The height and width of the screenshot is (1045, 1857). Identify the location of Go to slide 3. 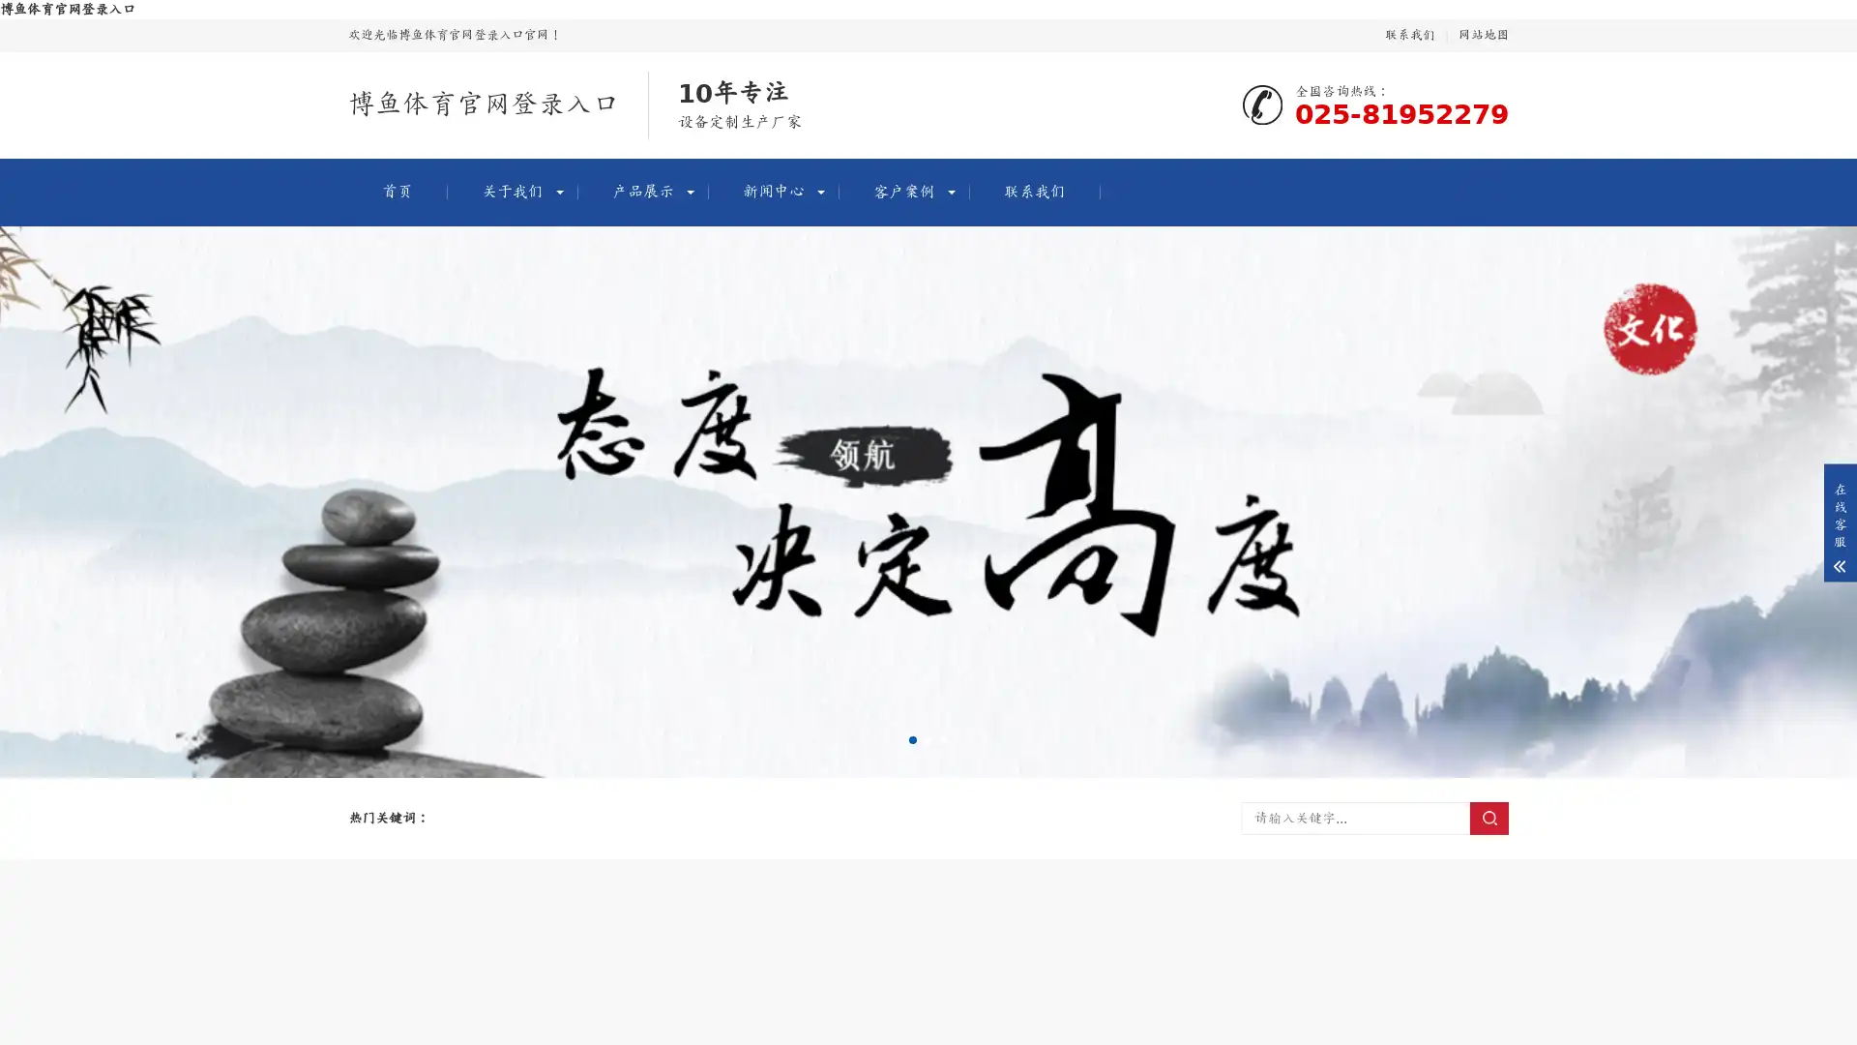
(943, 739).